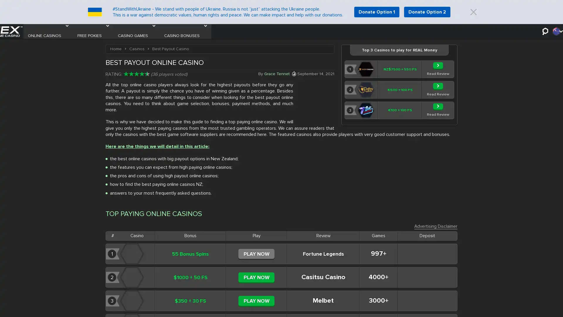 The height and width of the screenshot is (317, 563). What do you see at coordinates (256, 280) in the screenshot?
I see `PLAY NOW` at bounding box center [256, 280].